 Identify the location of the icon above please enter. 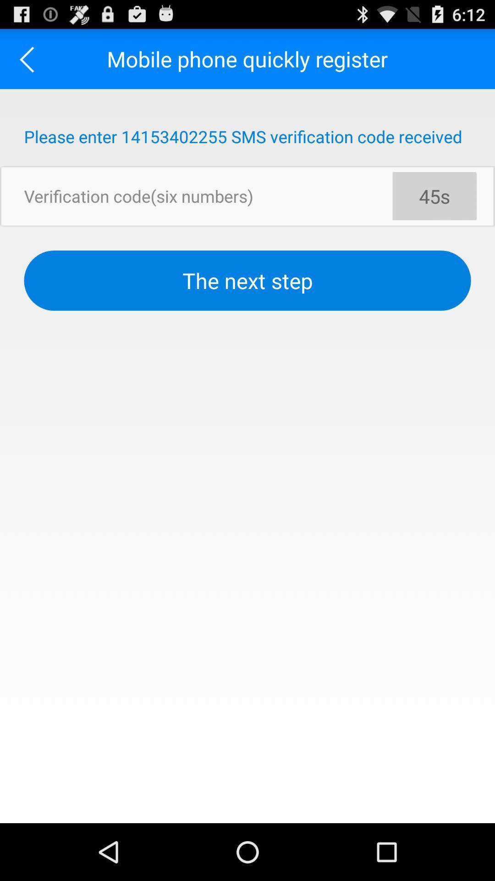
(29, 58).